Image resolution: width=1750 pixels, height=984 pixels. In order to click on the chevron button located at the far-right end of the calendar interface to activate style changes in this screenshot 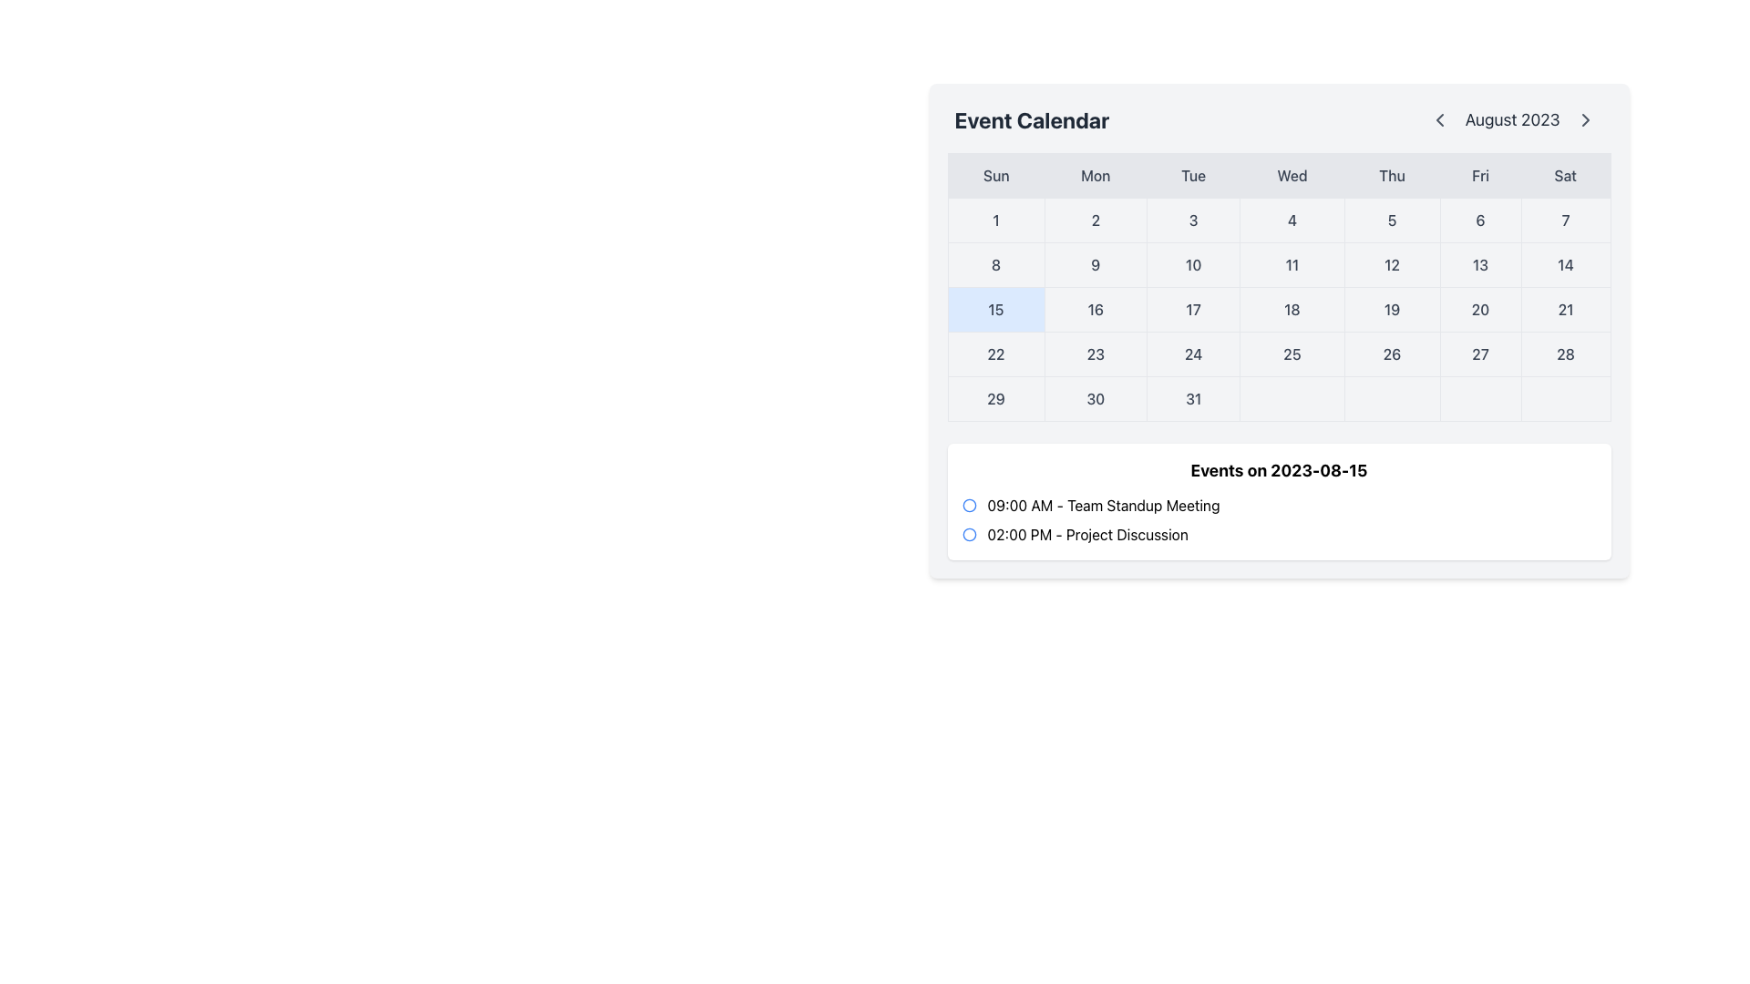, I will do `click(1584, 119)`.